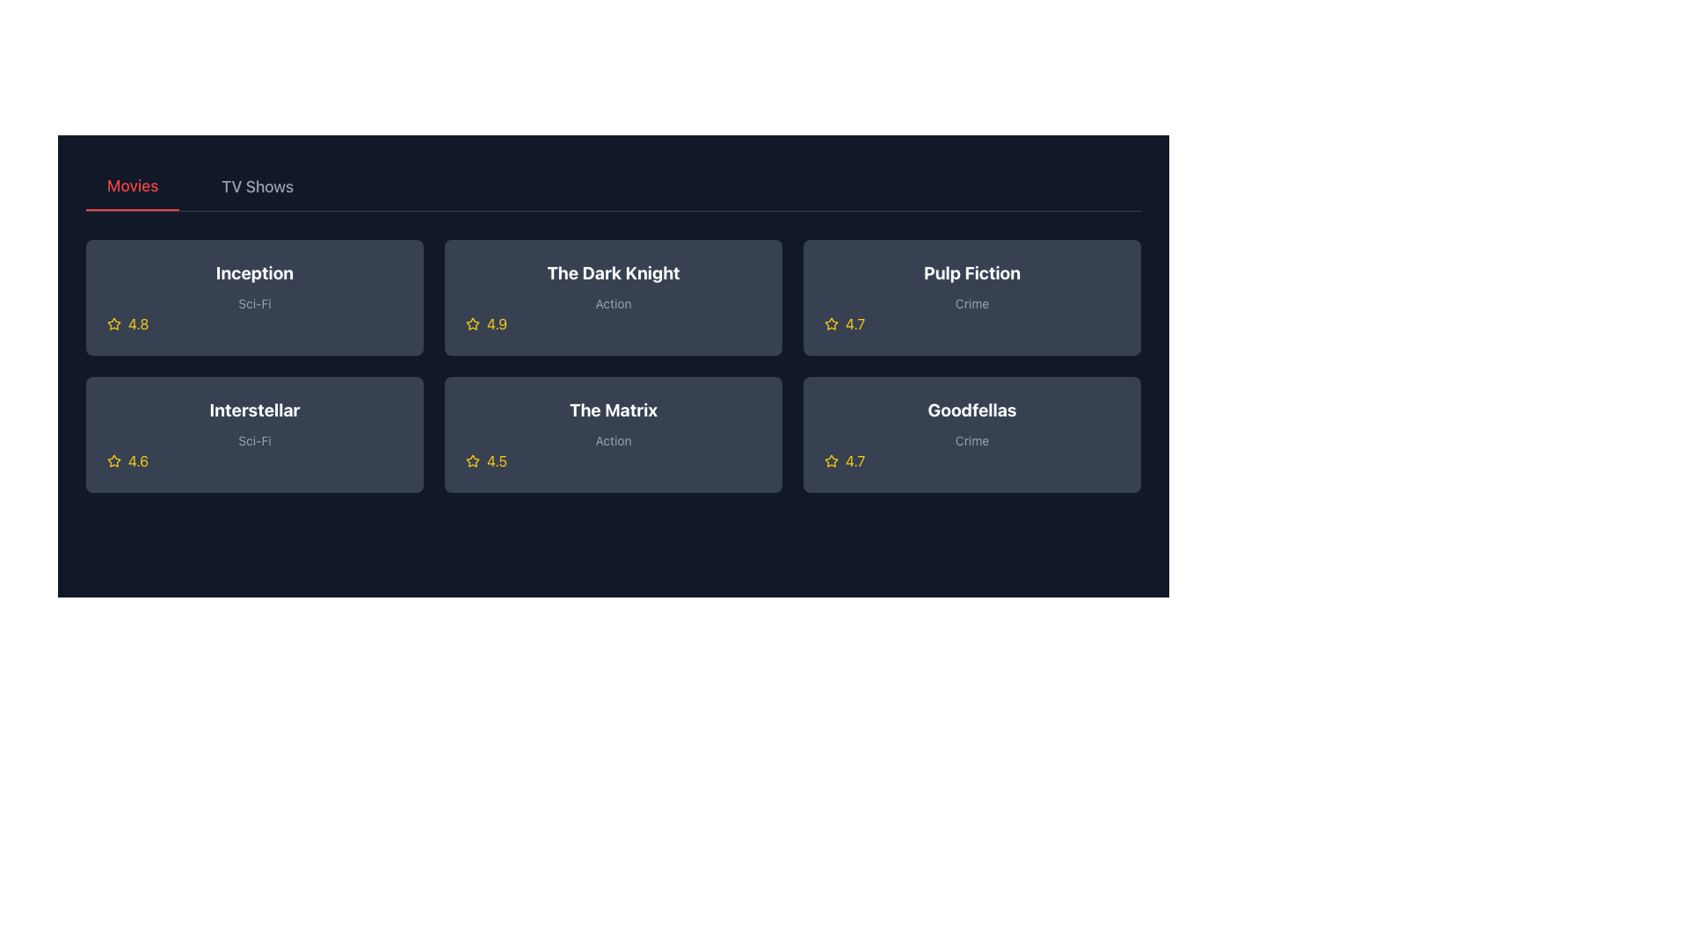  What do you see at coordinates (472, 324) in the screenshot?
I see `the yellow outlined star icon indicating the rating for 'The Dark Knight', located at the top-right corner of the tile, to the left of the text '4.9'` at bounding box center [472, 324].